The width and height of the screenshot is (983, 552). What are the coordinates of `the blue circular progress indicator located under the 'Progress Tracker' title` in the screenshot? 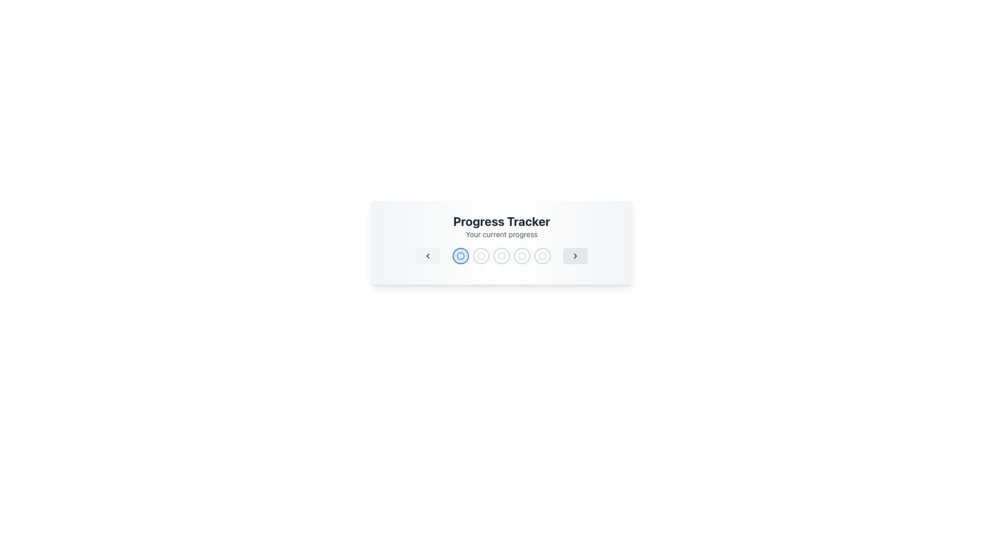 It's located at (460, 256).